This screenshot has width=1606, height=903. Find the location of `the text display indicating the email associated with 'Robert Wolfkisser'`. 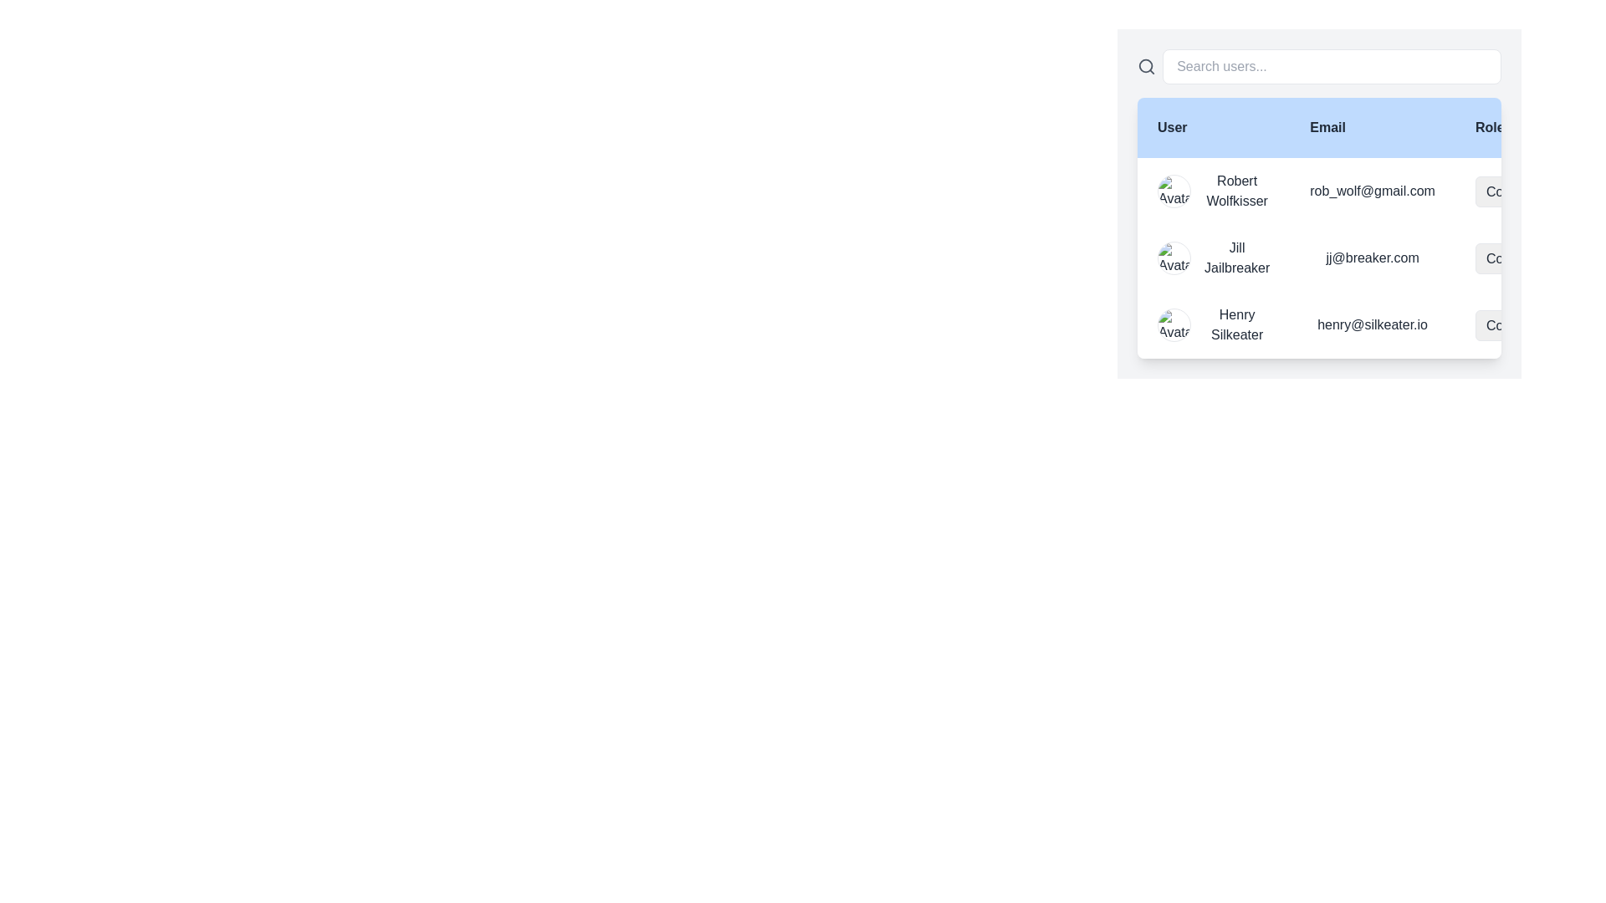

the text display indicating the email associated with 'Robert Wolfkisser' is located at coordinates (1373, 190).